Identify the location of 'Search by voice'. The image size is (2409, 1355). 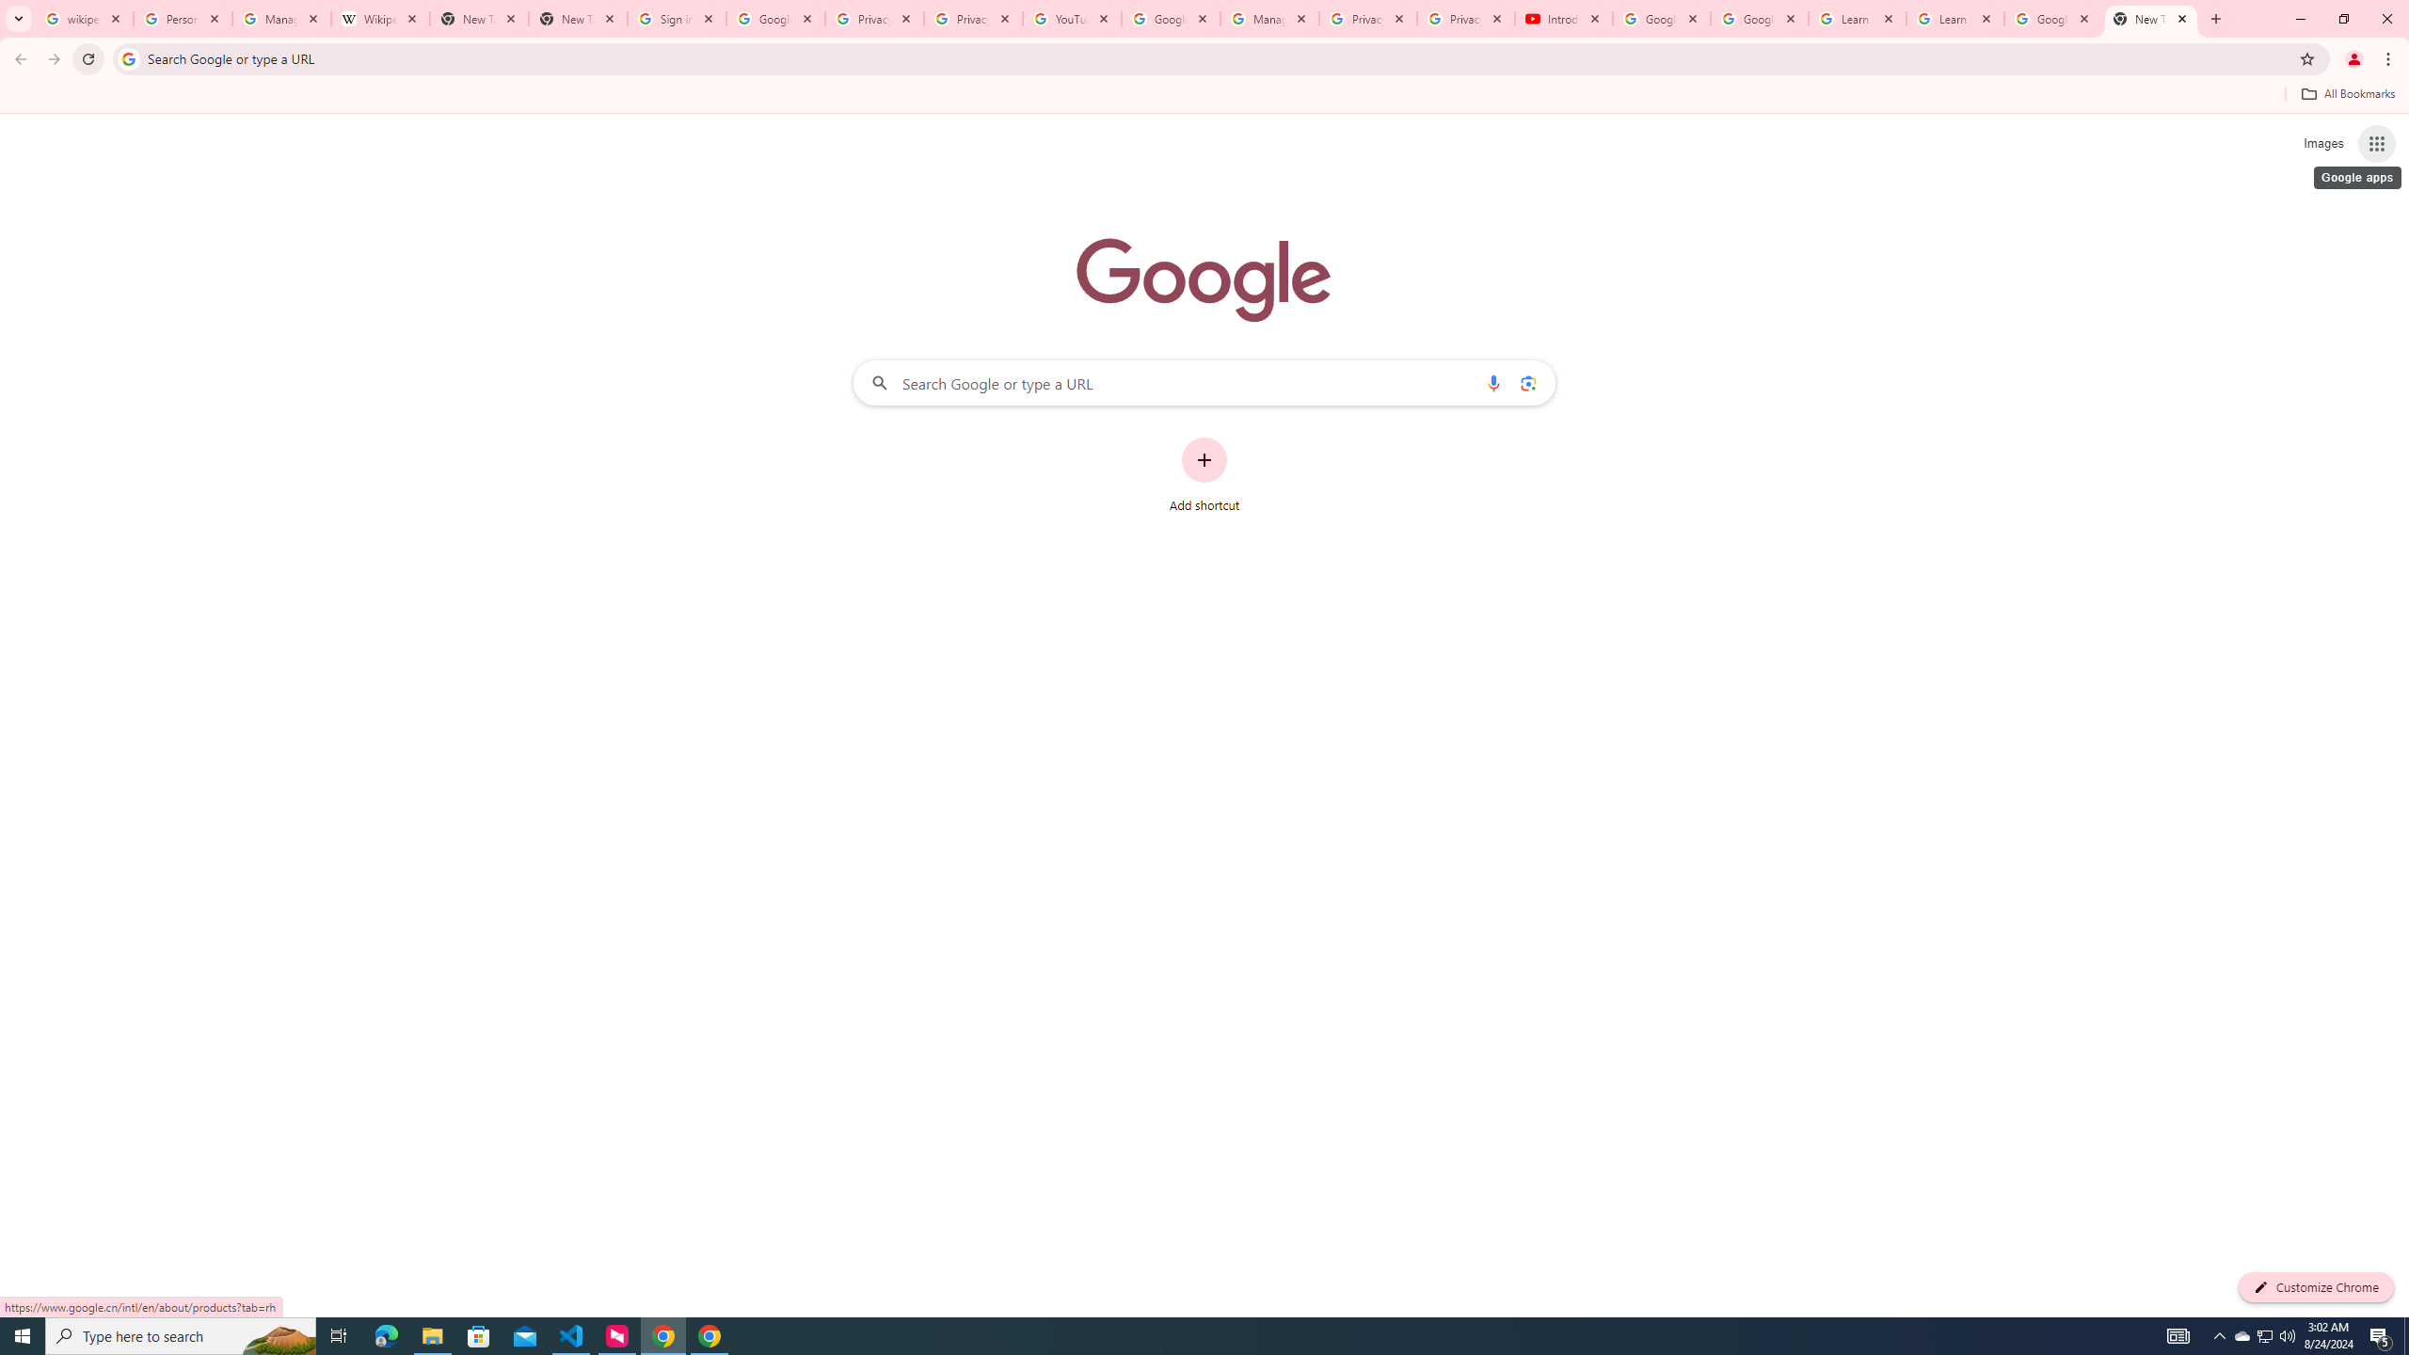
(1492, 381).